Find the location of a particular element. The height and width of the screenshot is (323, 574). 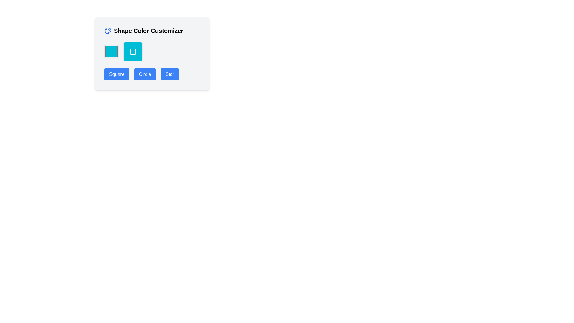

the painter's palette icon styled with blue color, located to the left of the 'Shape Color Customizer' title is located at coordinates (108, 31).